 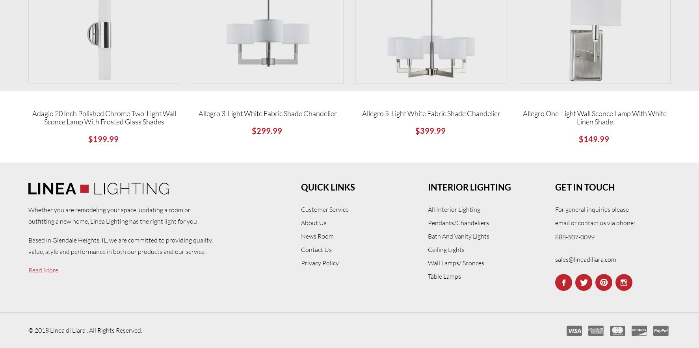 What do you see at coordinates (595, 117) in the screenshot?
I see `'Allegro One-Light Wall Sconce Lamp with White Linen Shade'` at bounding box center [595, 117].